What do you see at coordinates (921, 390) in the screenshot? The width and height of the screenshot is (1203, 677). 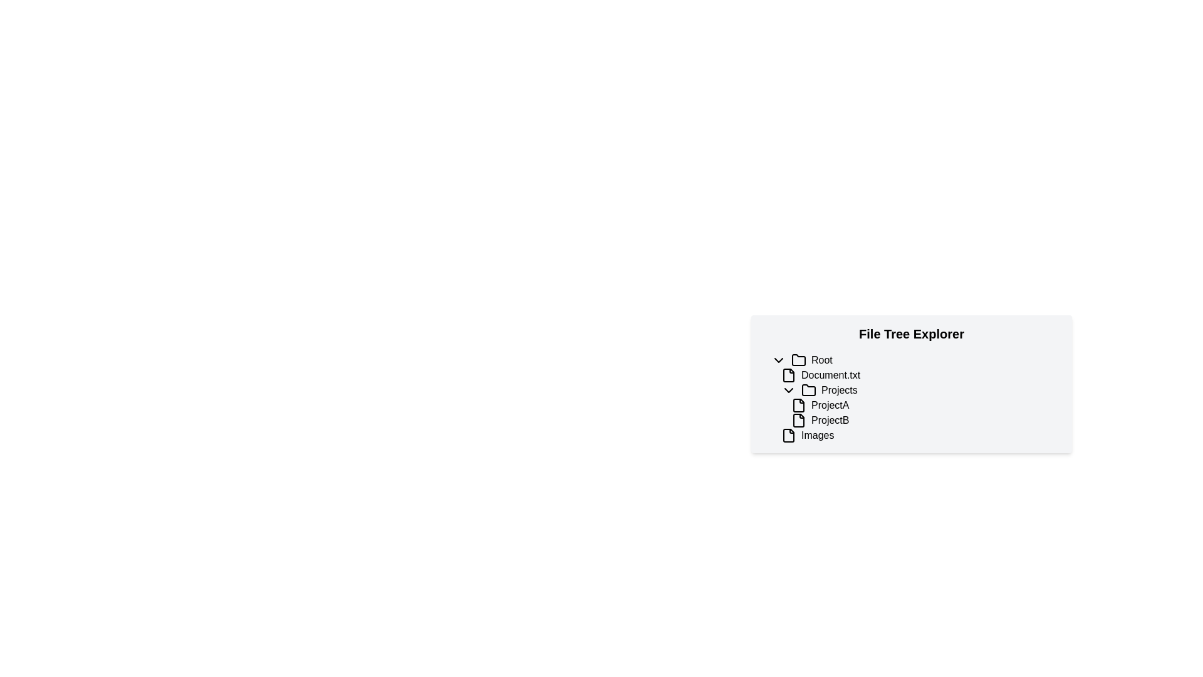 I see `the 'Projects' row in the file tree explorer` at bounding box center [921, 390].